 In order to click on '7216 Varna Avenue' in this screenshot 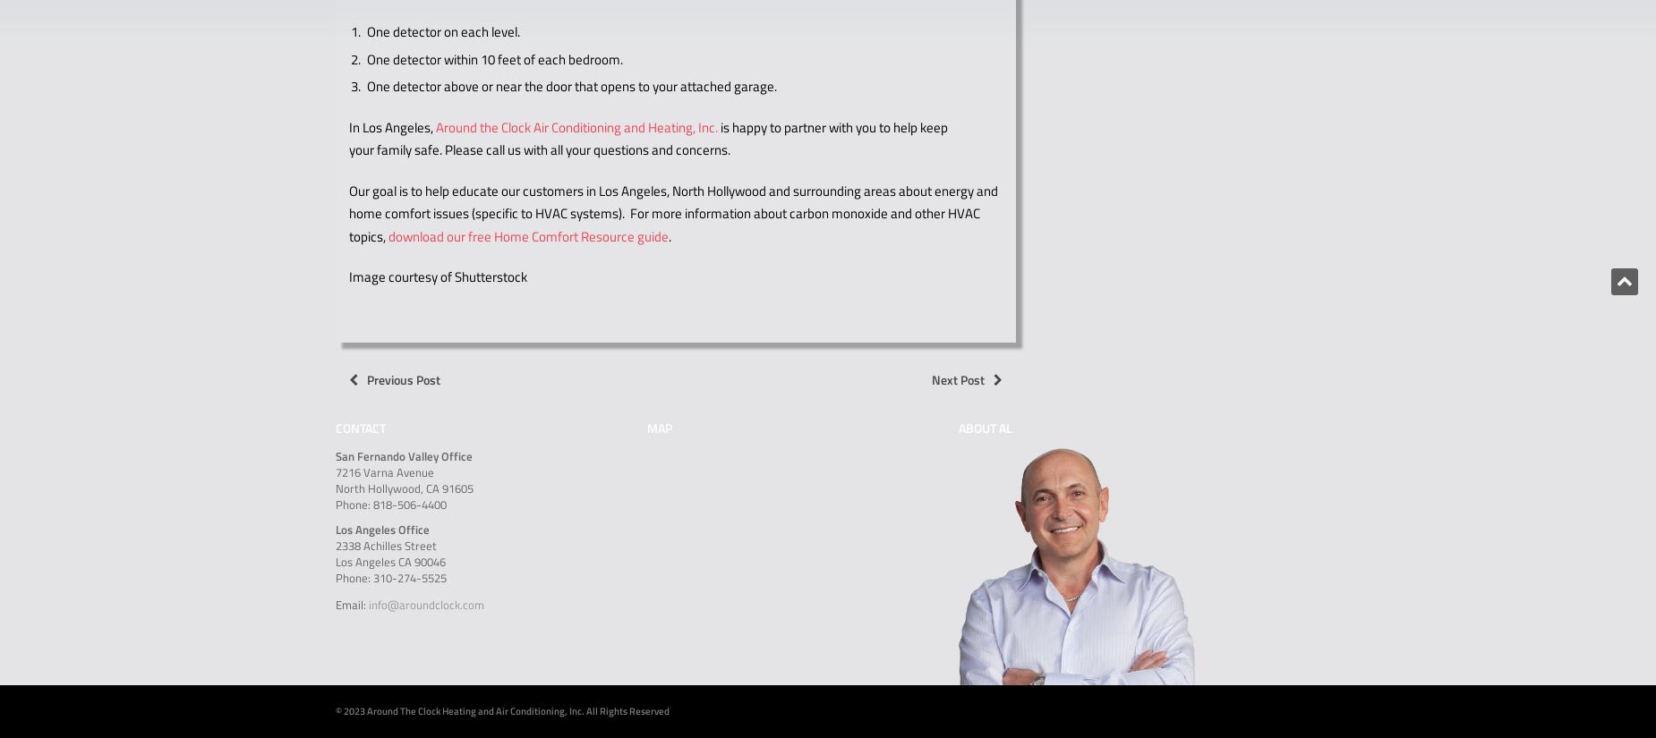, I will do `click(383, 471)`.